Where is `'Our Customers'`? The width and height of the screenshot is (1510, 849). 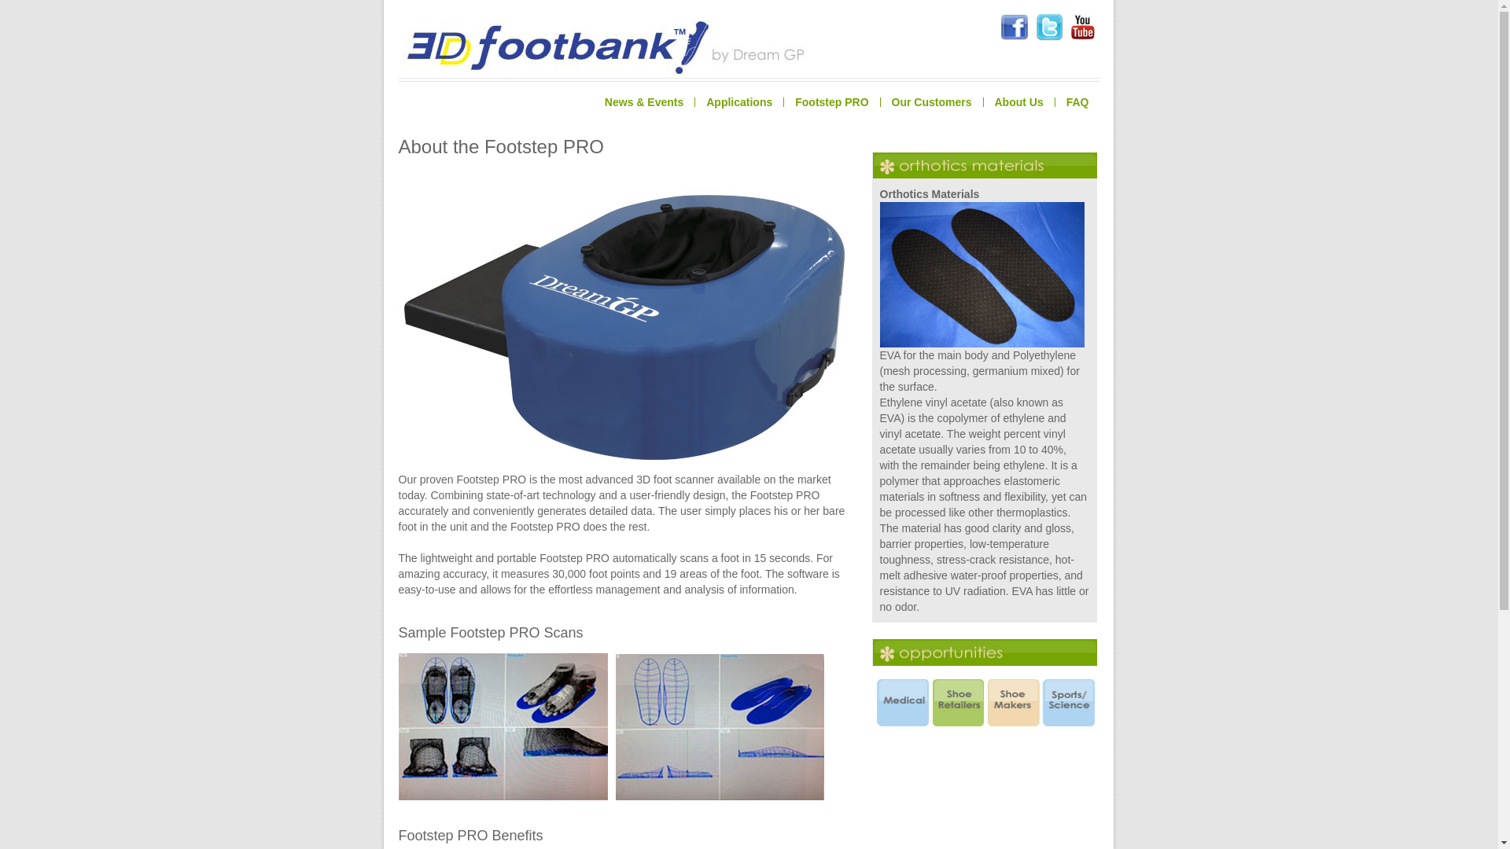 'Our Customers' is located at coordinates (931, 102).